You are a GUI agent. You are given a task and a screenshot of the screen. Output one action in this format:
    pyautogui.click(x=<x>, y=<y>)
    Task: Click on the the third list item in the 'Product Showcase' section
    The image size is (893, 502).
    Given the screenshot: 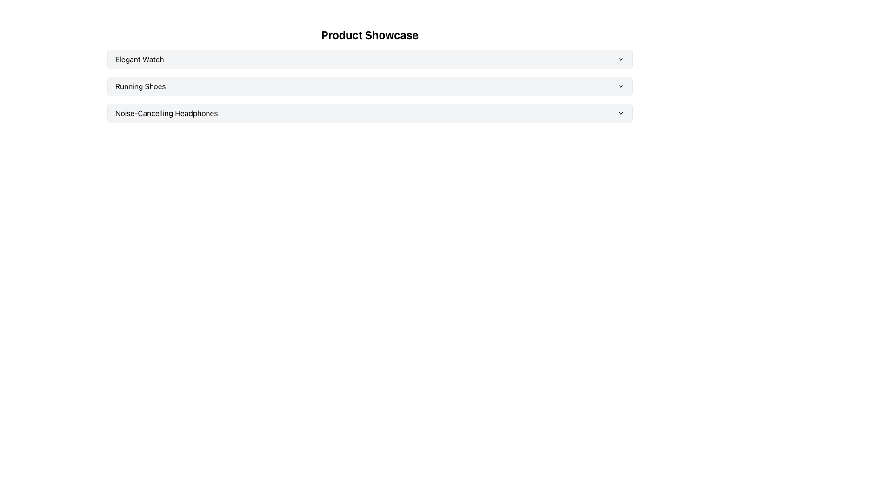 What is the action you would take?
    pyautogui.click(x=369, y=112)
    